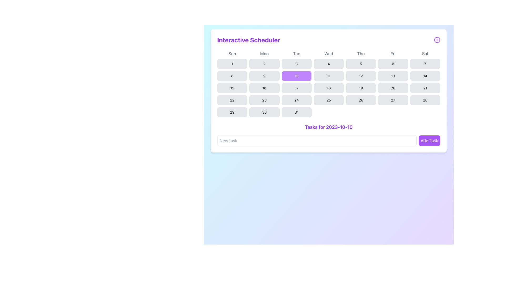 This screenshot has width=505, height=284. What do you see at coordinates (232, 100) in the screenshot?
I see `the rounded rectangular button displaying the text '22' in black, located in the fourth row, first column of the calendar grid under the 'Sun' header` at bounding box center [232, 100].